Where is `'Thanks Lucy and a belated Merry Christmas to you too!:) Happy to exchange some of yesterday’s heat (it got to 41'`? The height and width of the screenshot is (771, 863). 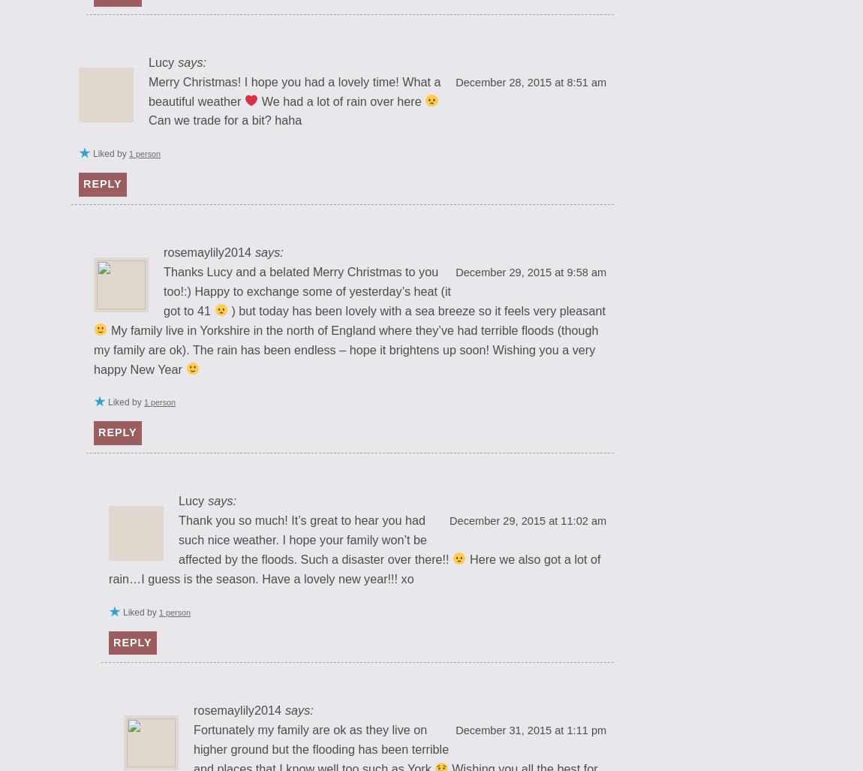 'Thanks Lucy and a belated Merry Christmas to you too!:) Happy to exchange some of yesterday’s heat (it got to 41' is located at coordinates (307, 290).